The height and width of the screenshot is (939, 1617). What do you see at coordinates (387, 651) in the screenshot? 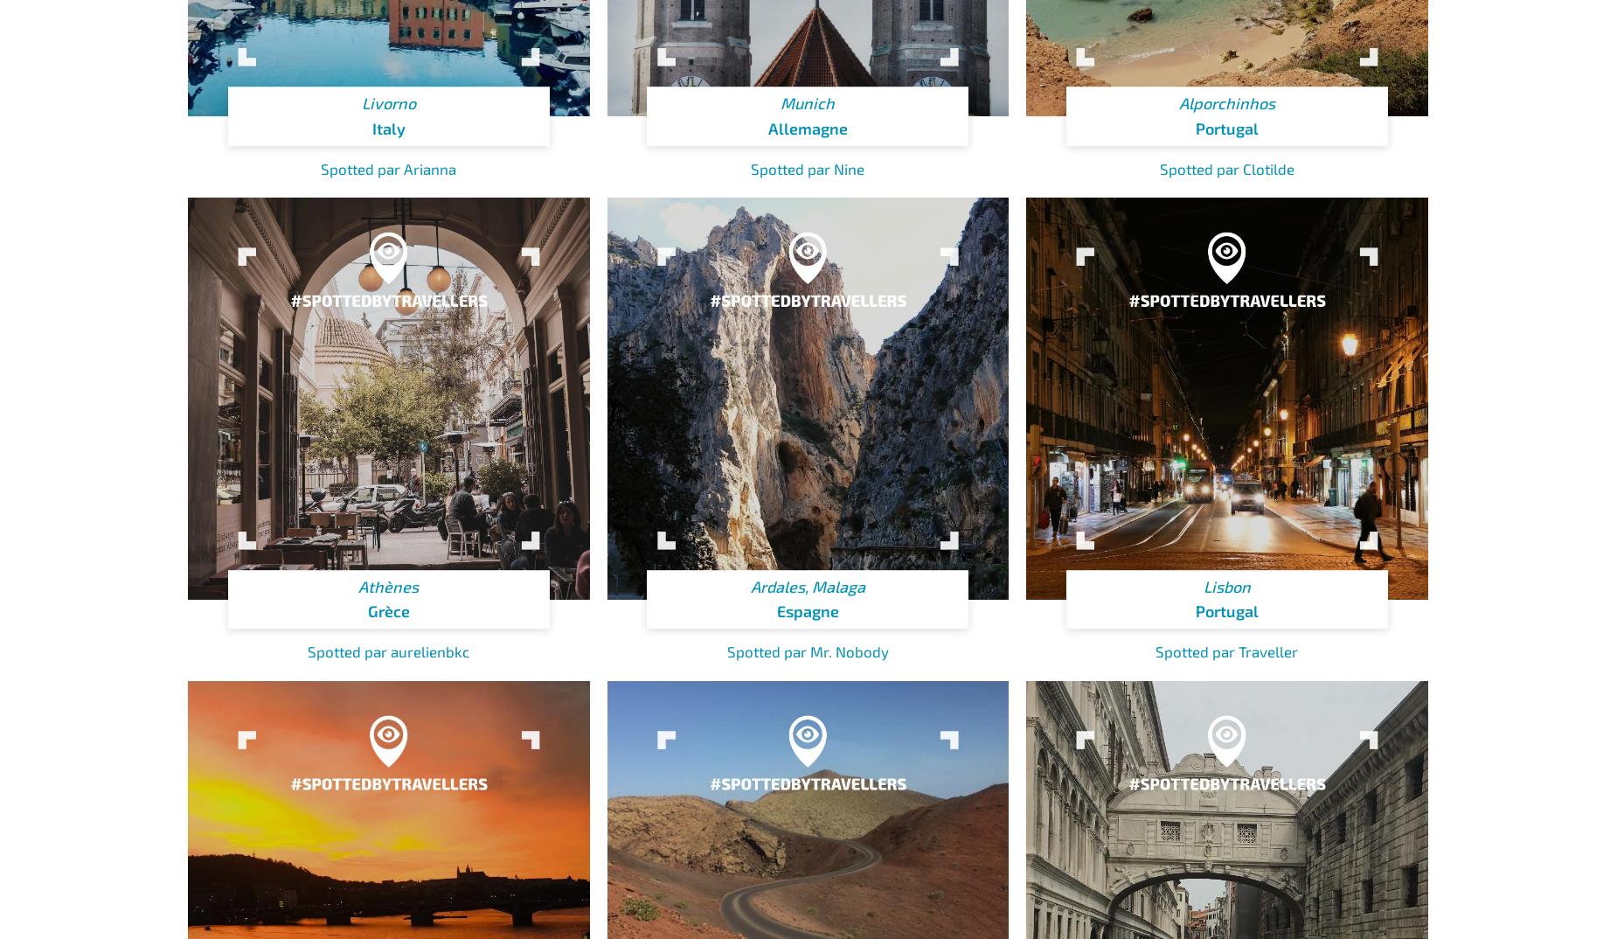
I see `'Spotted par aurelienbkc'` at bounding box center [387, 651].